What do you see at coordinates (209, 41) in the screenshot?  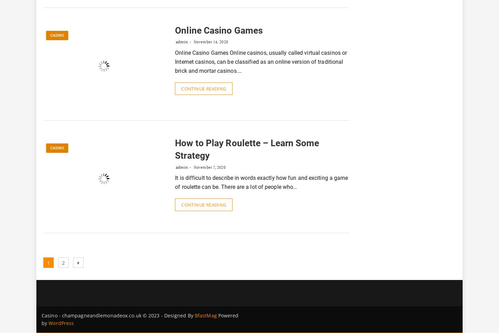 I see `'November 14, 2020'` at bounding box center [209, 41].